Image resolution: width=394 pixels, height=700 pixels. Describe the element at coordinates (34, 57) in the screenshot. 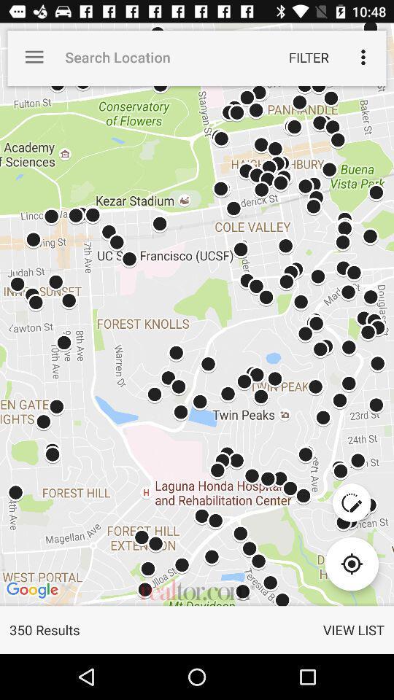

I see `icon next to the search location item` at that location.